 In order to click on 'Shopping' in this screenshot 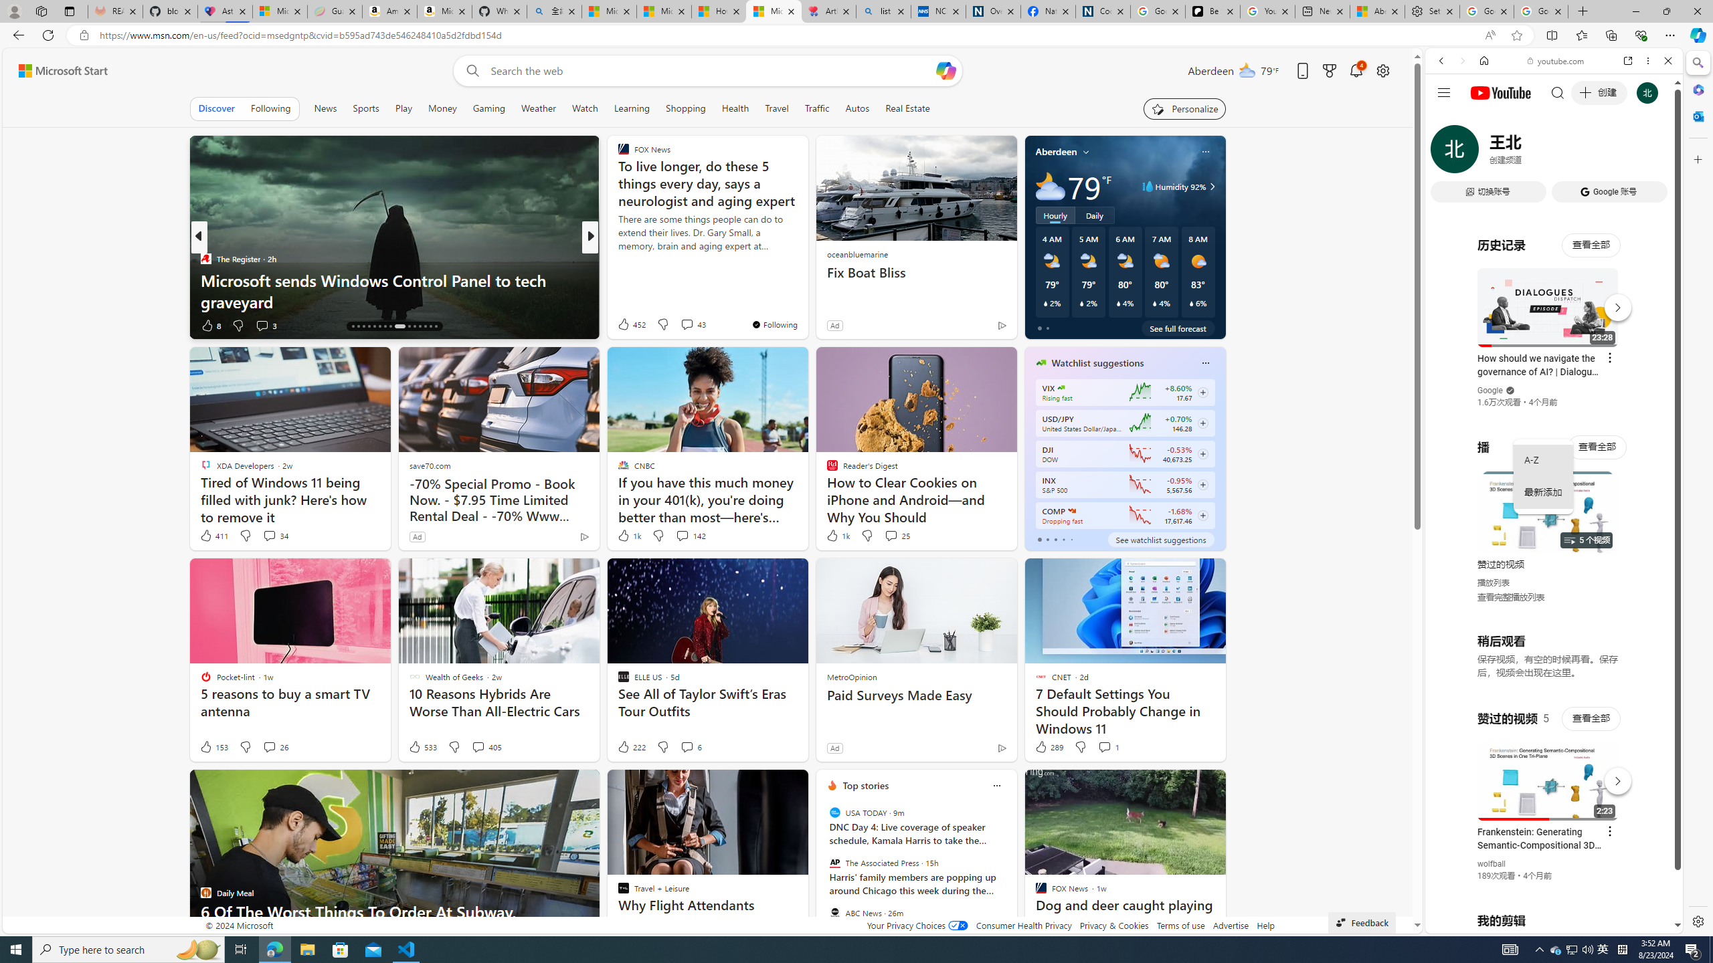, I will do `click(685, 108)`.